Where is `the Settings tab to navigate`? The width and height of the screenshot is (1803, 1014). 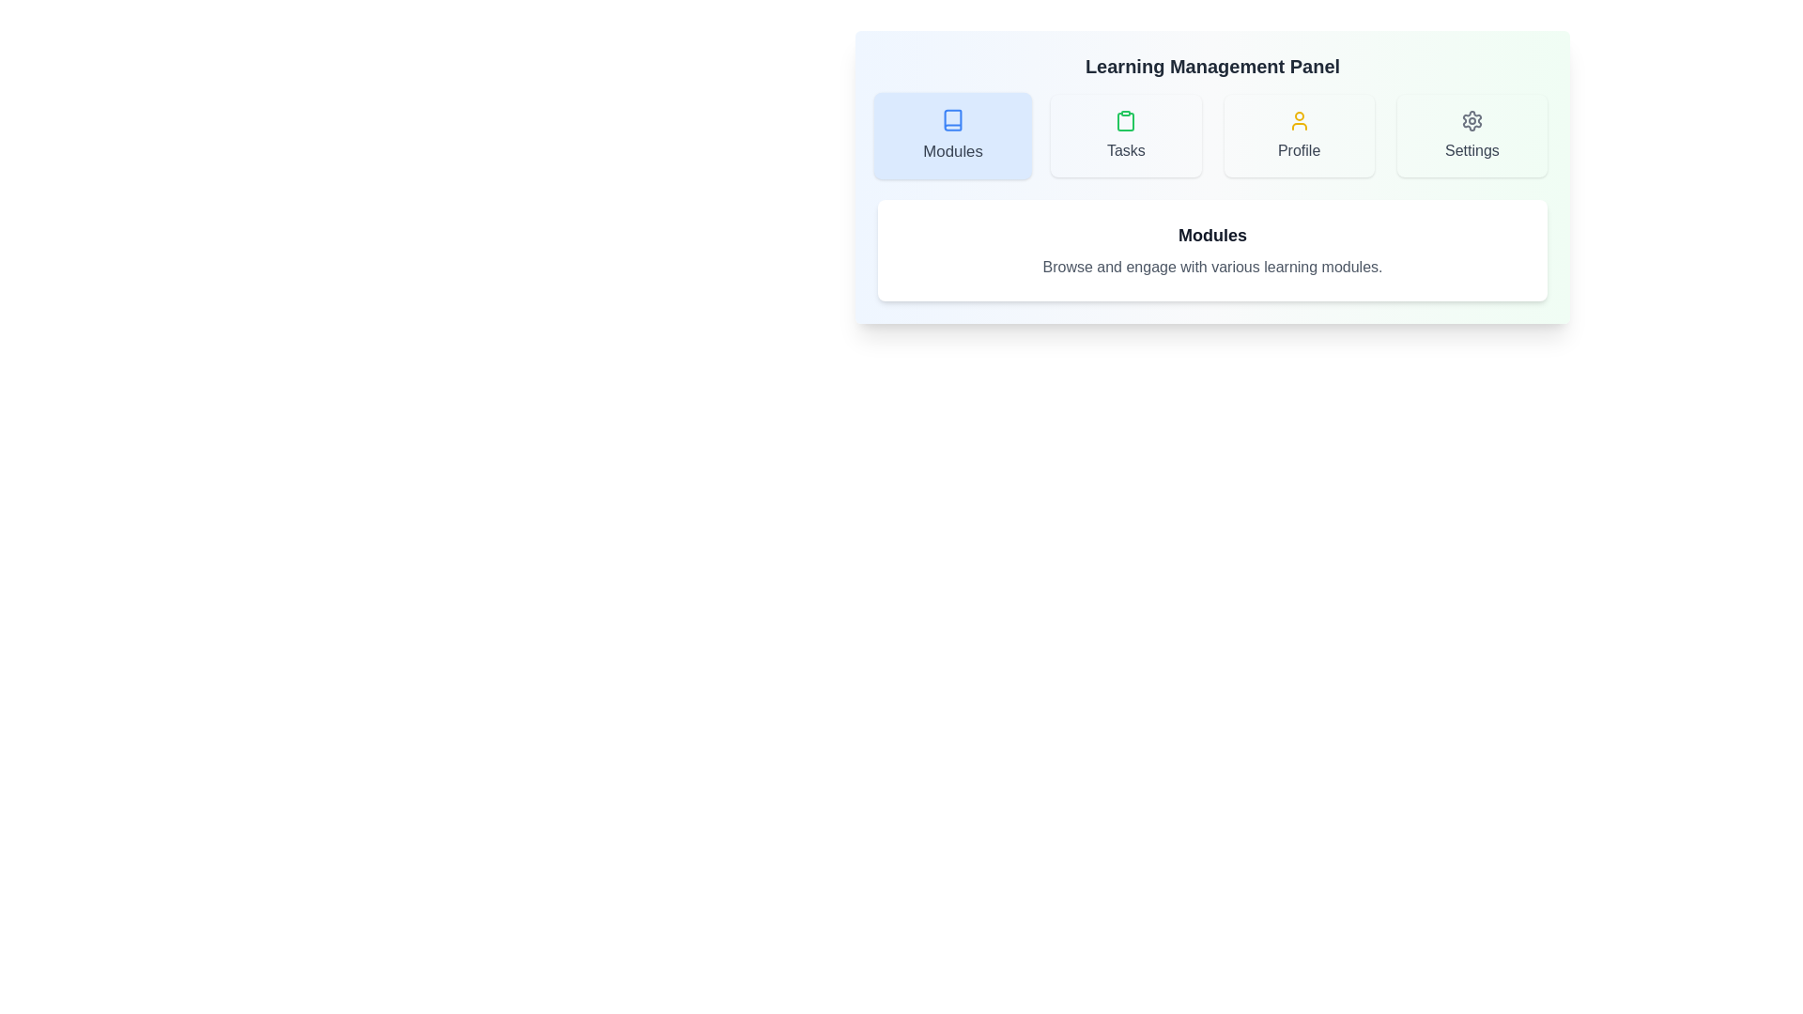
the Settings tab to navigate is located at coordinates (1471, 135).